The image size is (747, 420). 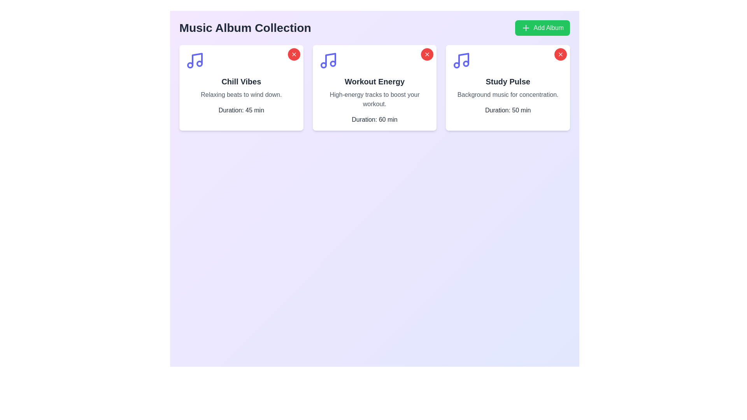 I want to click on the decorative SVG circle located at the lower-left corner of the musical note icon on the 'Study Pulse' card, so click(x=457, y=65).